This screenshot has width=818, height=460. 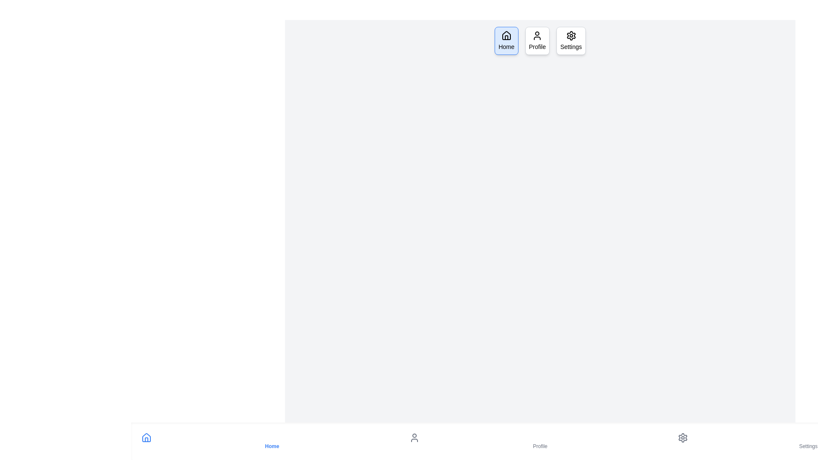 I want to click on the 'Home' button in the bottom navigation bar, which is styled with bold blue text and a house icon, so click(x=271, y=441).